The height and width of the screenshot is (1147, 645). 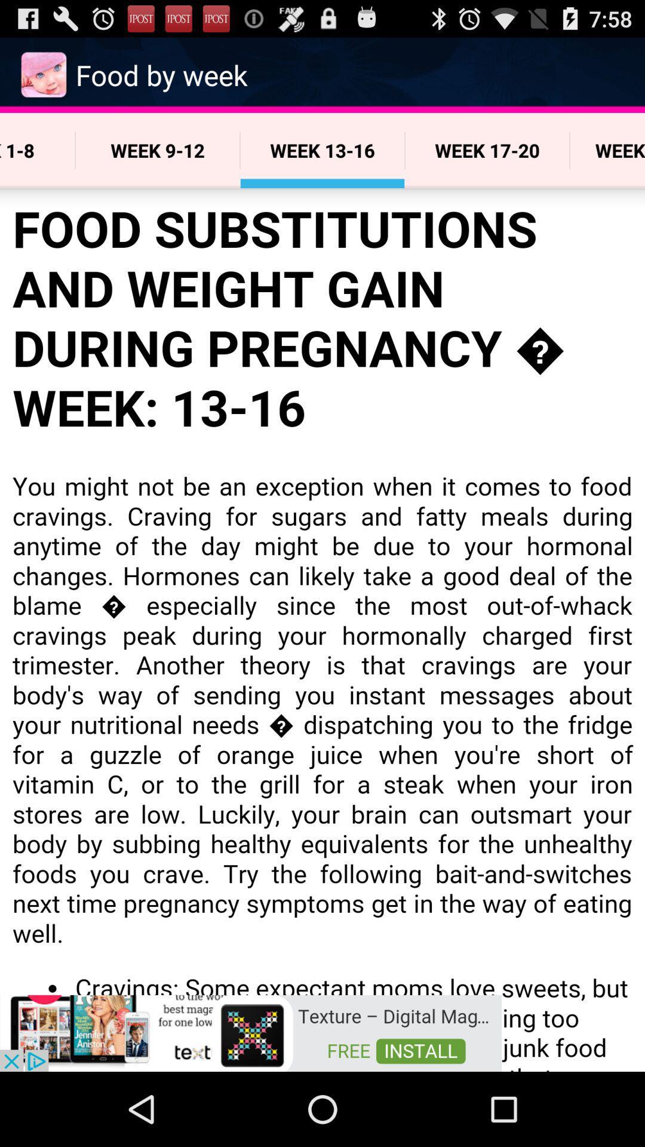 I want to click on open advertisement, so click(x=250, y=1032).